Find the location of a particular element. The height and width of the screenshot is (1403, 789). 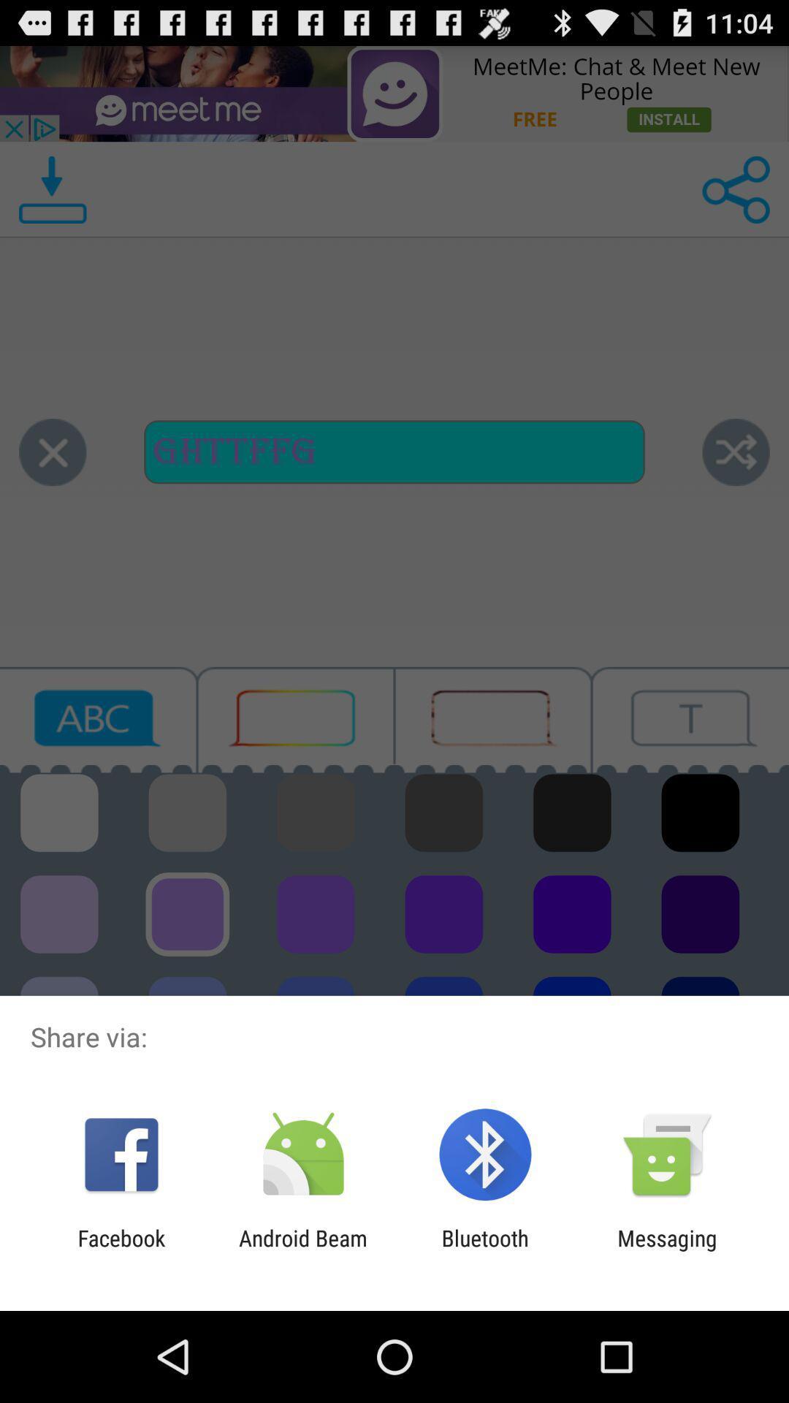

app to the left of the android beam app is located at coordinates (121, 1250).